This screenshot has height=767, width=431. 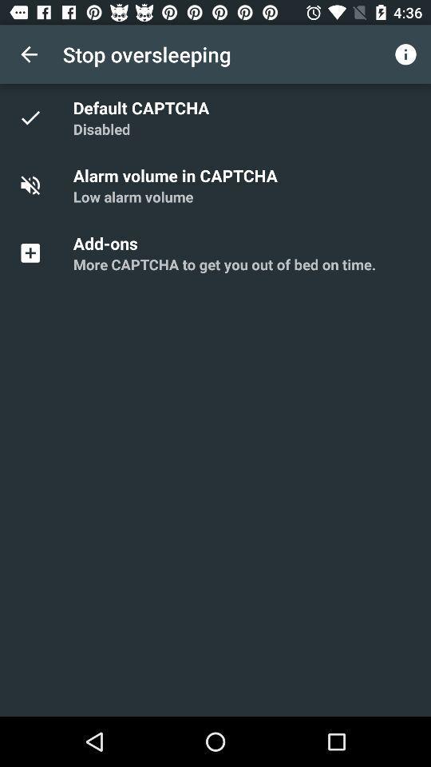 I want to click on item next to stop oversleeping, so click(x=29, y=54).